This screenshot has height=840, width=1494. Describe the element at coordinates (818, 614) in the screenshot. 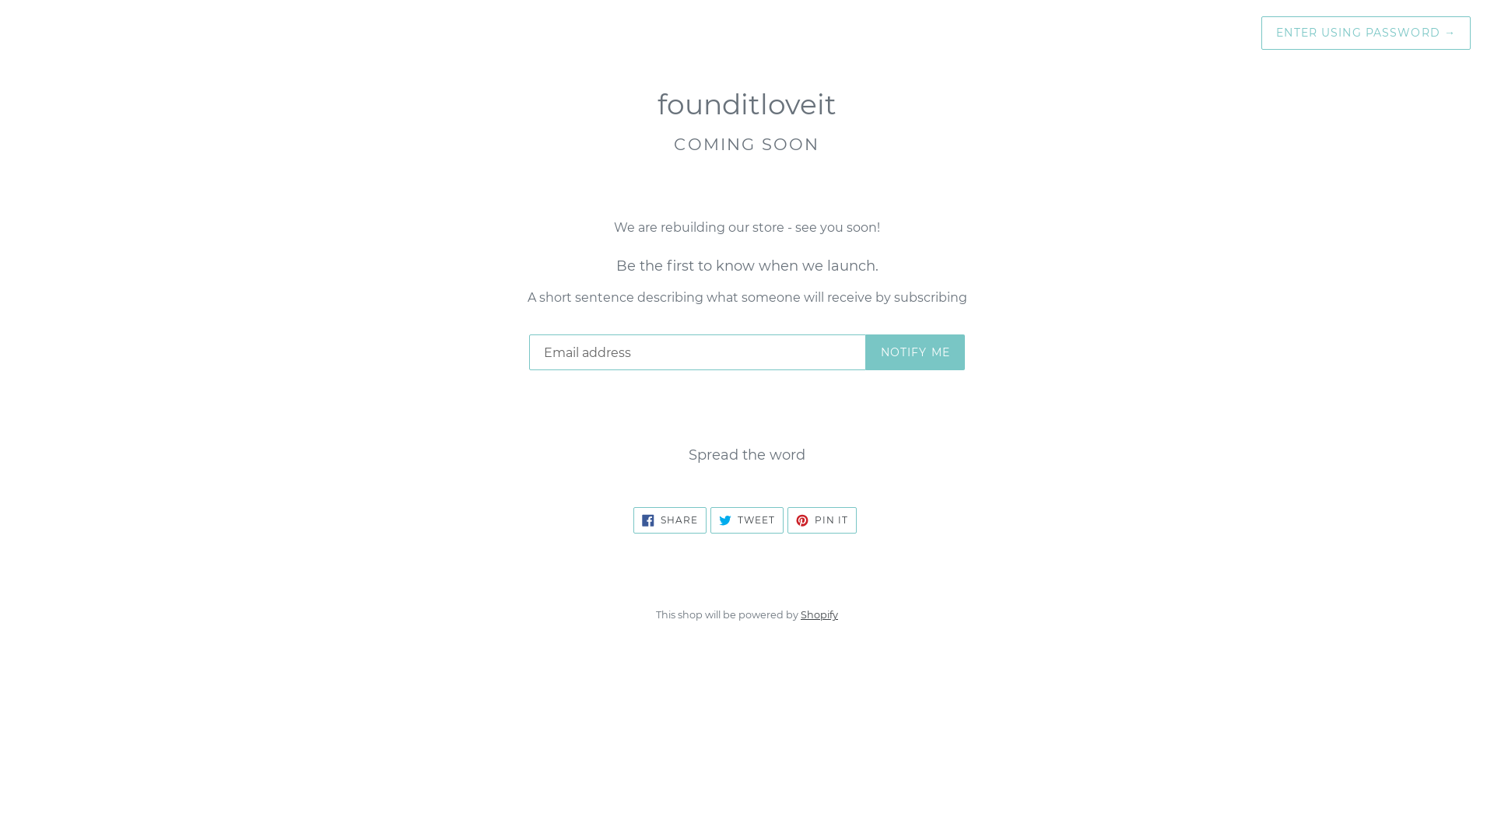

I see `'Shopify'` at that location.